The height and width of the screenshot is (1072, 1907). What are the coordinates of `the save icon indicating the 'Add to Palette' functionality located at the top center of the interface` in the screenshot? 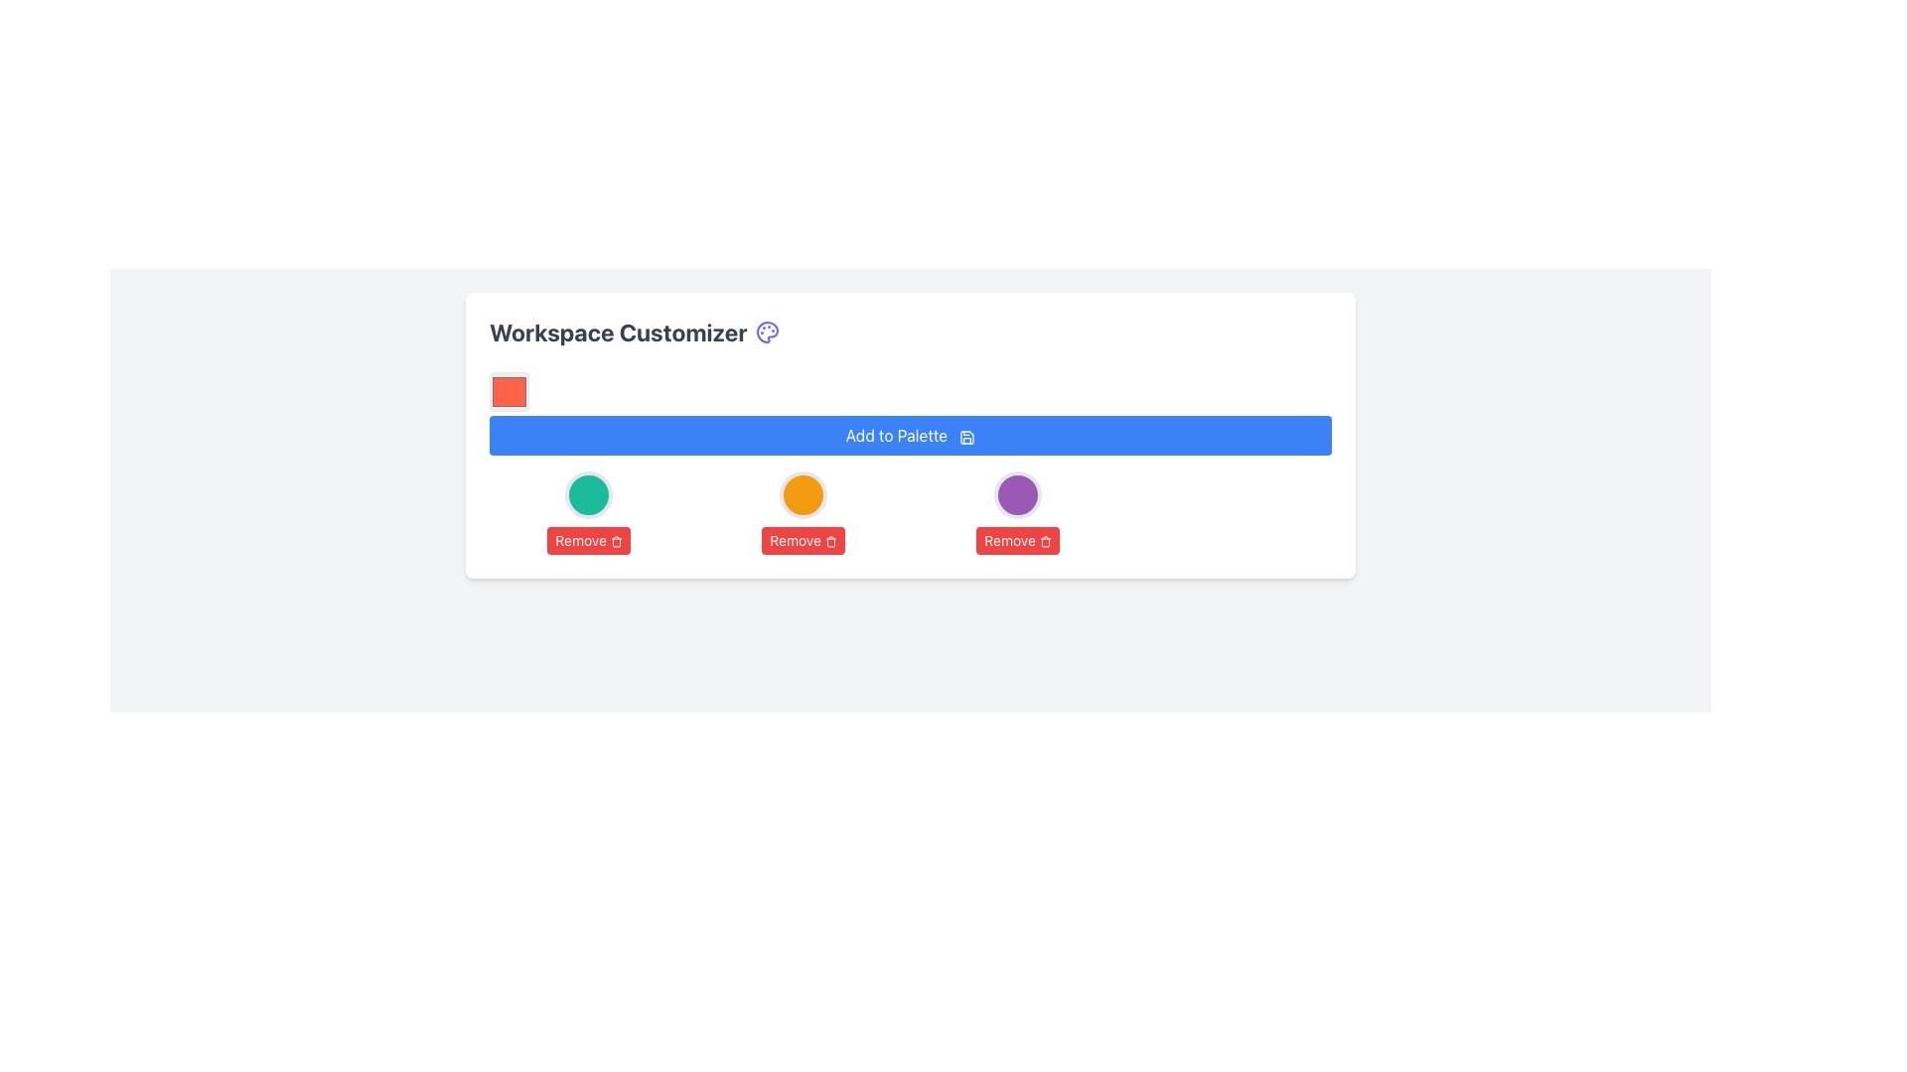 It's located at (967, 436).